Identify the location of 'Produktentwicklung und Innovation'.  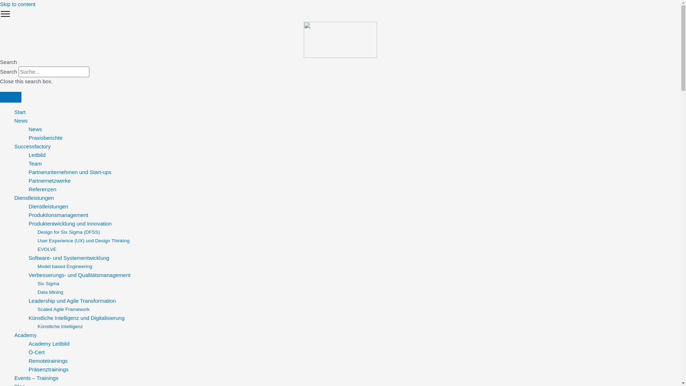
(70, 223).